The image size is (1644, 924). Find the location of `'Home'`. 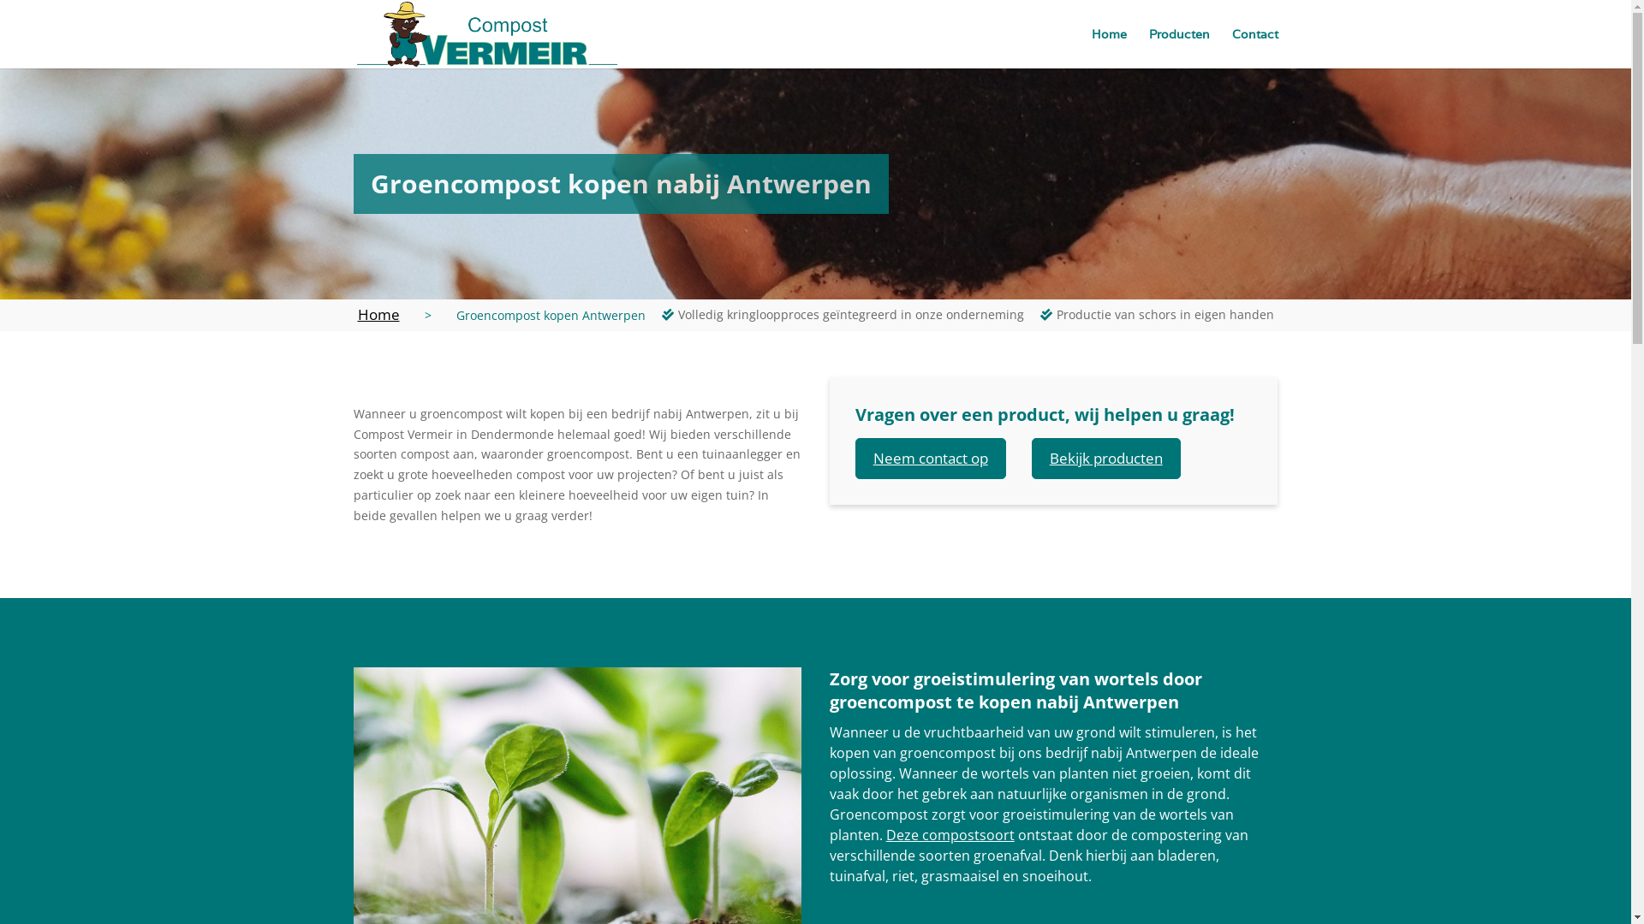

'Home' is located at coordinates (378, 314).